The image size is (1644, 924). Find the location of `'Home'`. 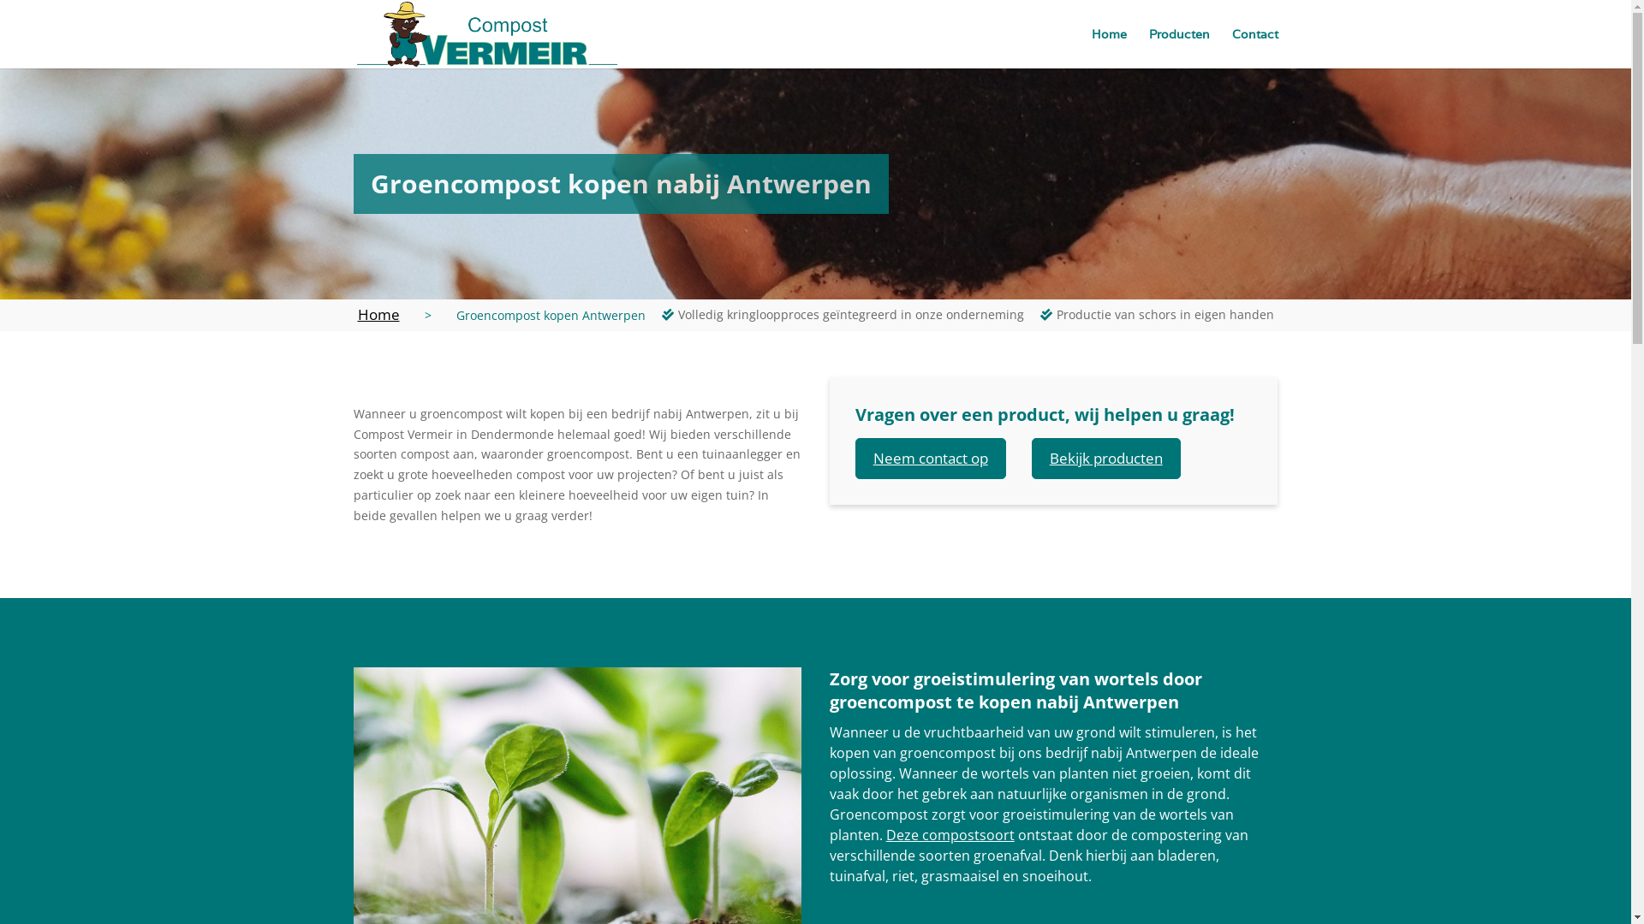

'Home' is located at coordinates (378, 314).